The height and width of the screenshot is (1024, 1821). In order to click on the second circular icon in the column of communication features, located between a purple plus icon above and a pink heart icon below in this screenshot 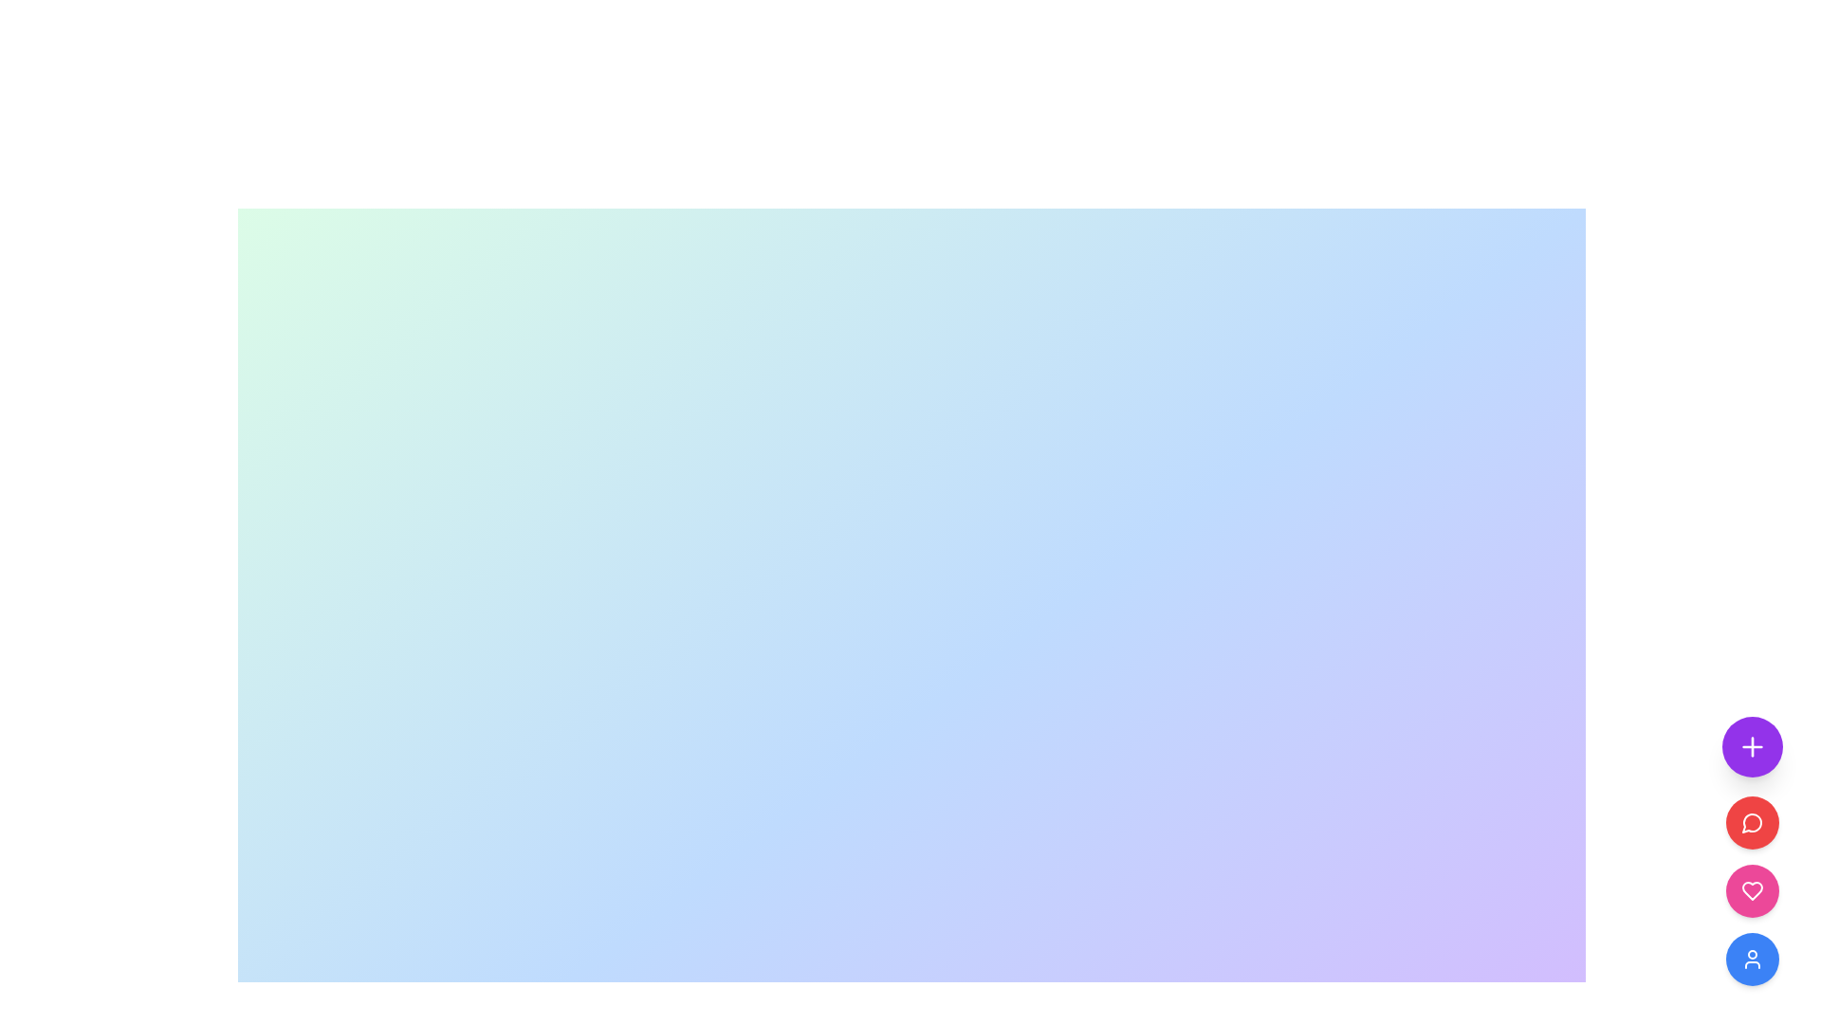, I will do `click(1751, 822)`.